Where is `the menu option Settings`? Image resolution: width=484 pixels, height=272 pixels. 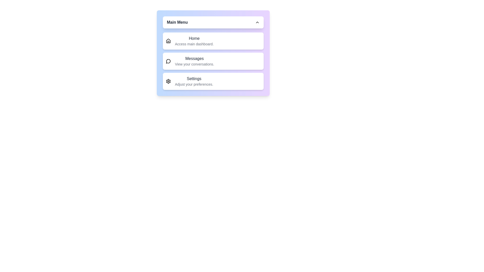
the menu option Settings is located at coordinates (213, 81).